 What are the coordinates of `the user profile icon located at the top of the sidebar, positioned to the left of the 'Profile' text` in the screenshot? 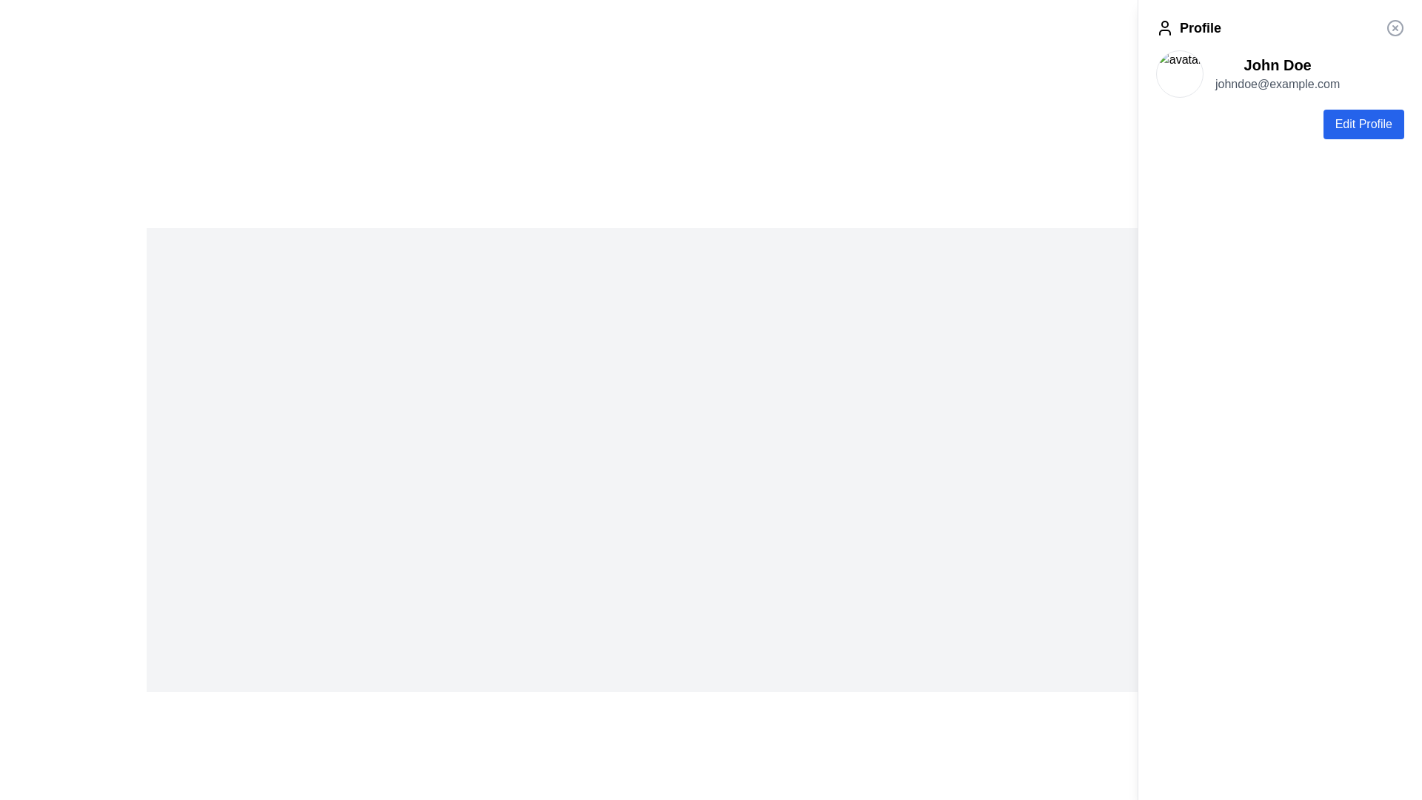 It's located at (1164, 28).